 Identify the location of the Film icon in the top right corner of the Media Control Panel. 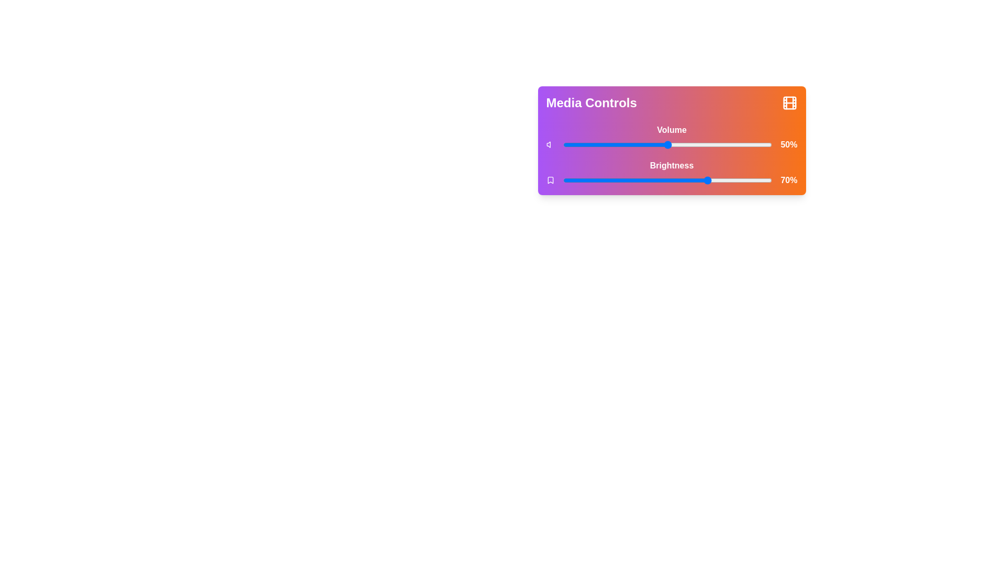
(789, 103).